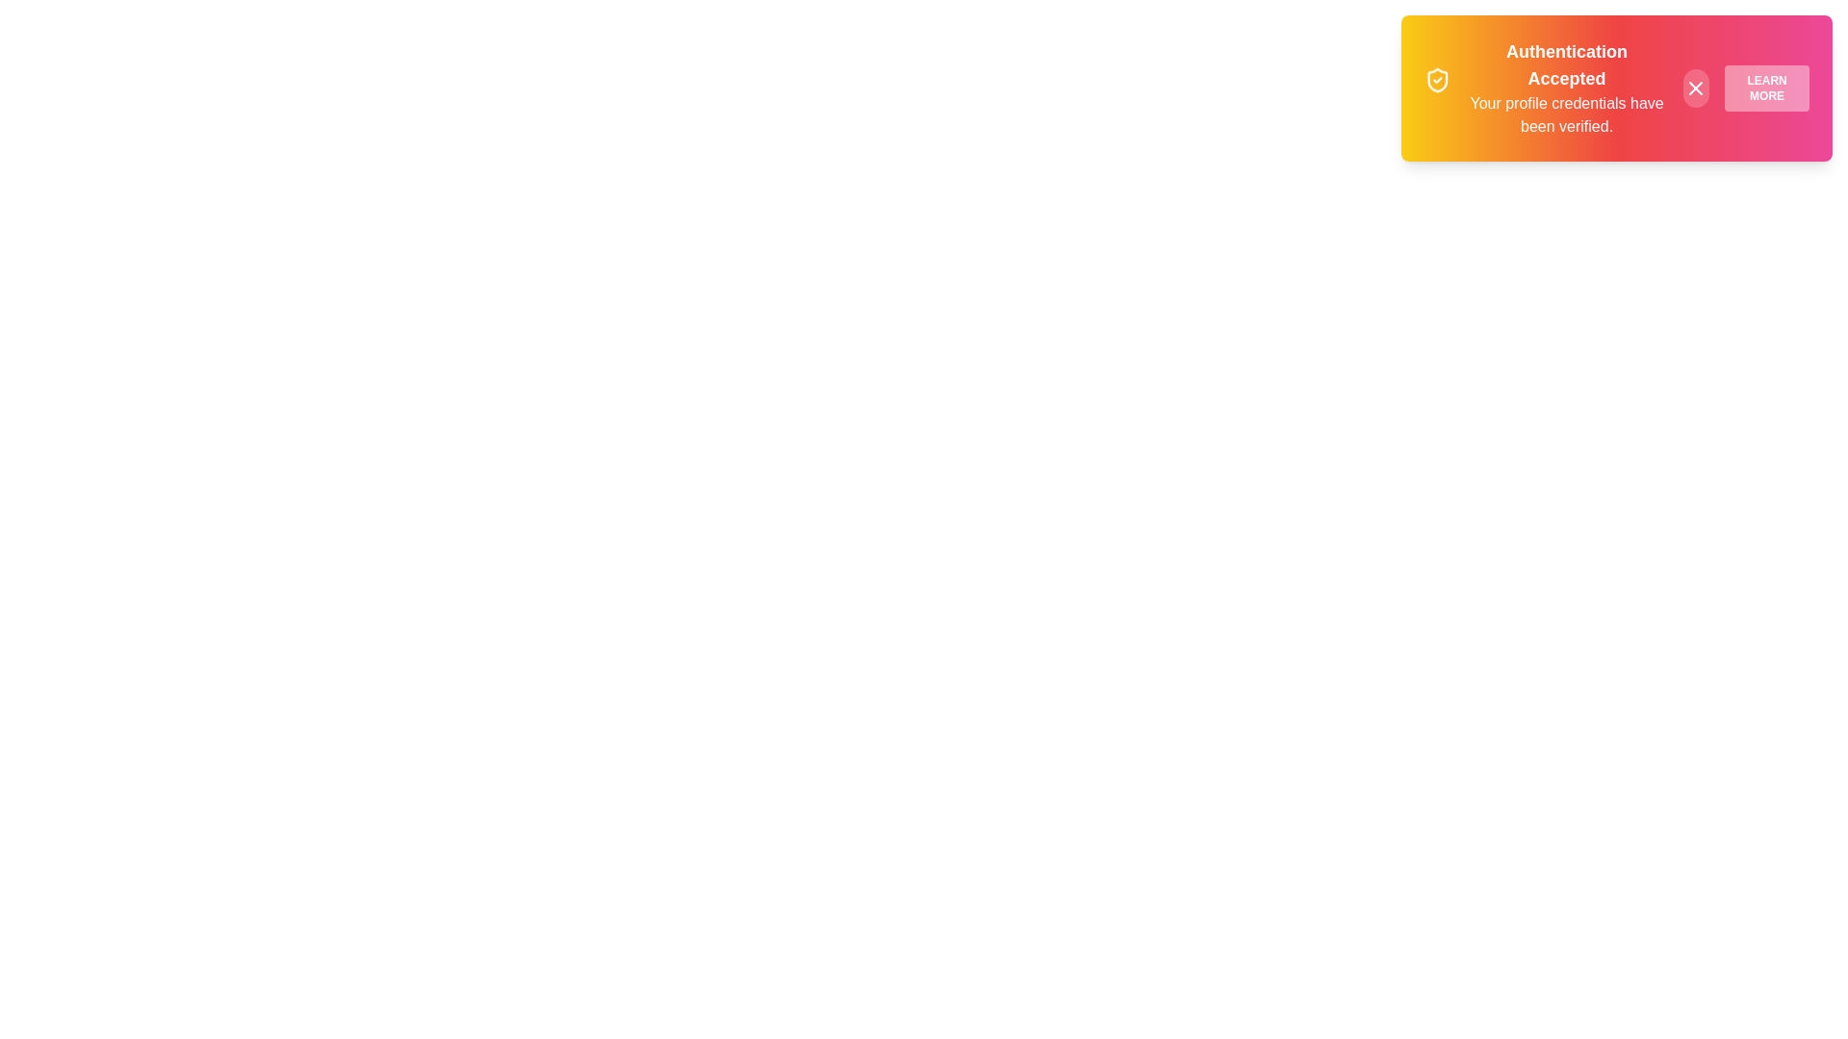  Describe the element at coordinates (1767, 89) in the screenshot. I see `the 'Learn More' button to trigger the alert` at that location.